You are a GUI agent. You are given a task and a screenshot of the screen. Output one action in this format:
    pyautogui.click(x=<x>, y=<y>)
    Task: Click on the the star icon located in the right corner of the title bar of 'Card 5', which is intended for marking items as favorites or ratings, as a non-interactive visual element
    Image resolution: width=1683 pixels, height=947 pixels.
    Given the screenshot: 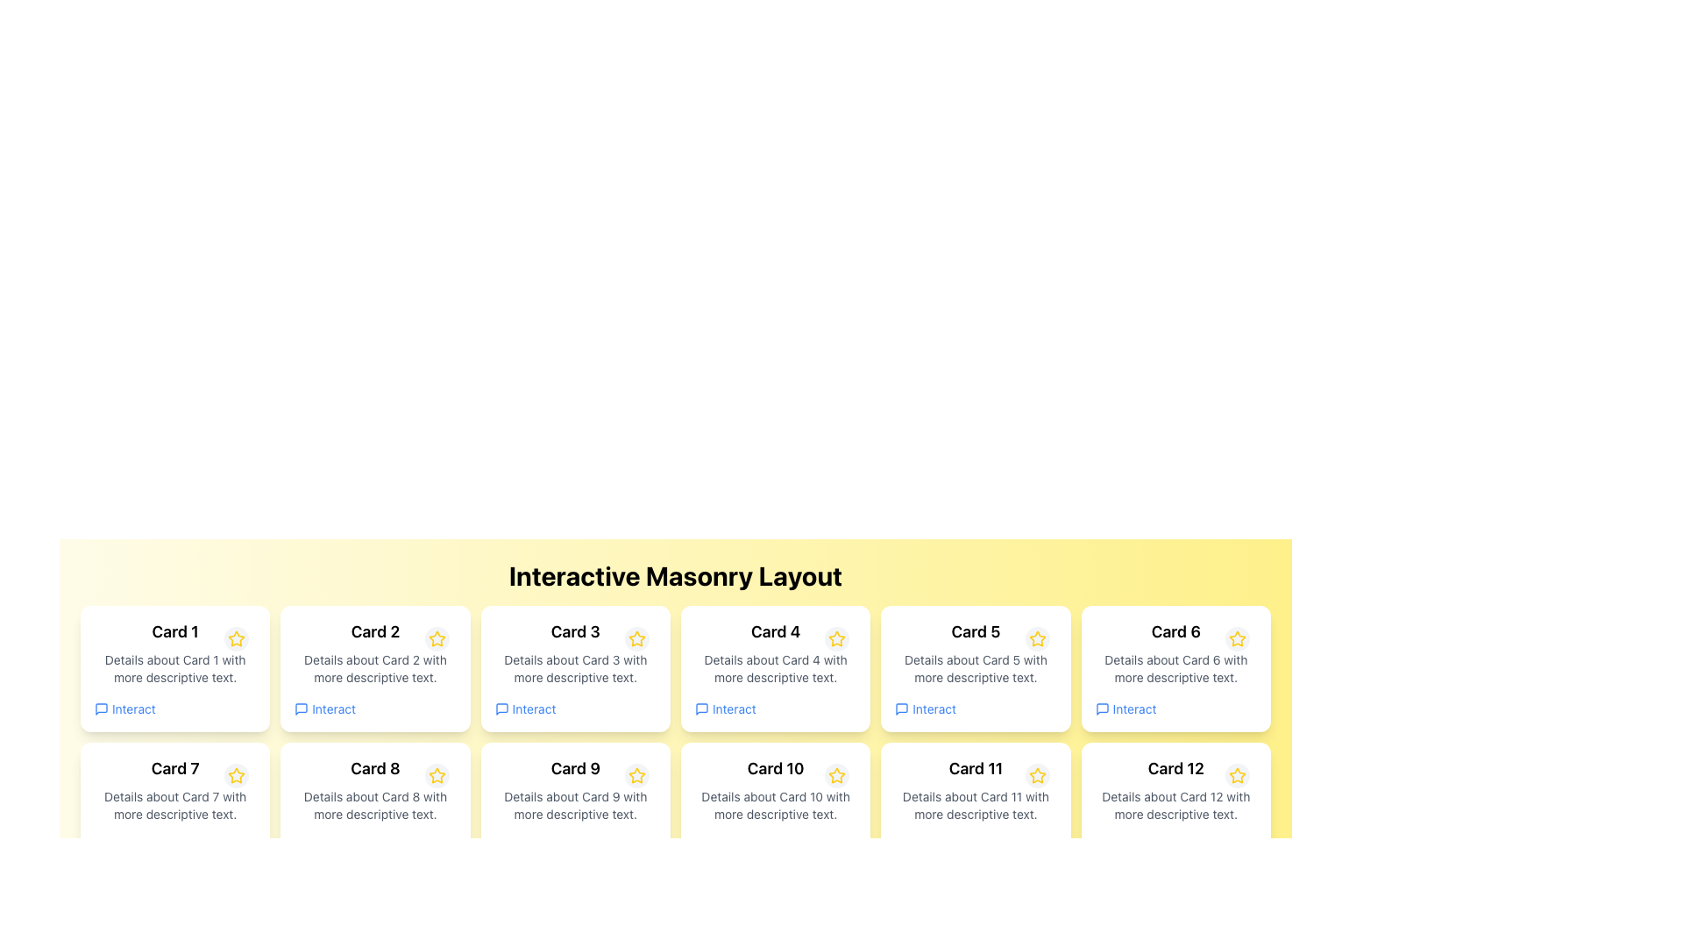 What is the action you would take?
    pyautogui.click(x=1037, y=638)
    